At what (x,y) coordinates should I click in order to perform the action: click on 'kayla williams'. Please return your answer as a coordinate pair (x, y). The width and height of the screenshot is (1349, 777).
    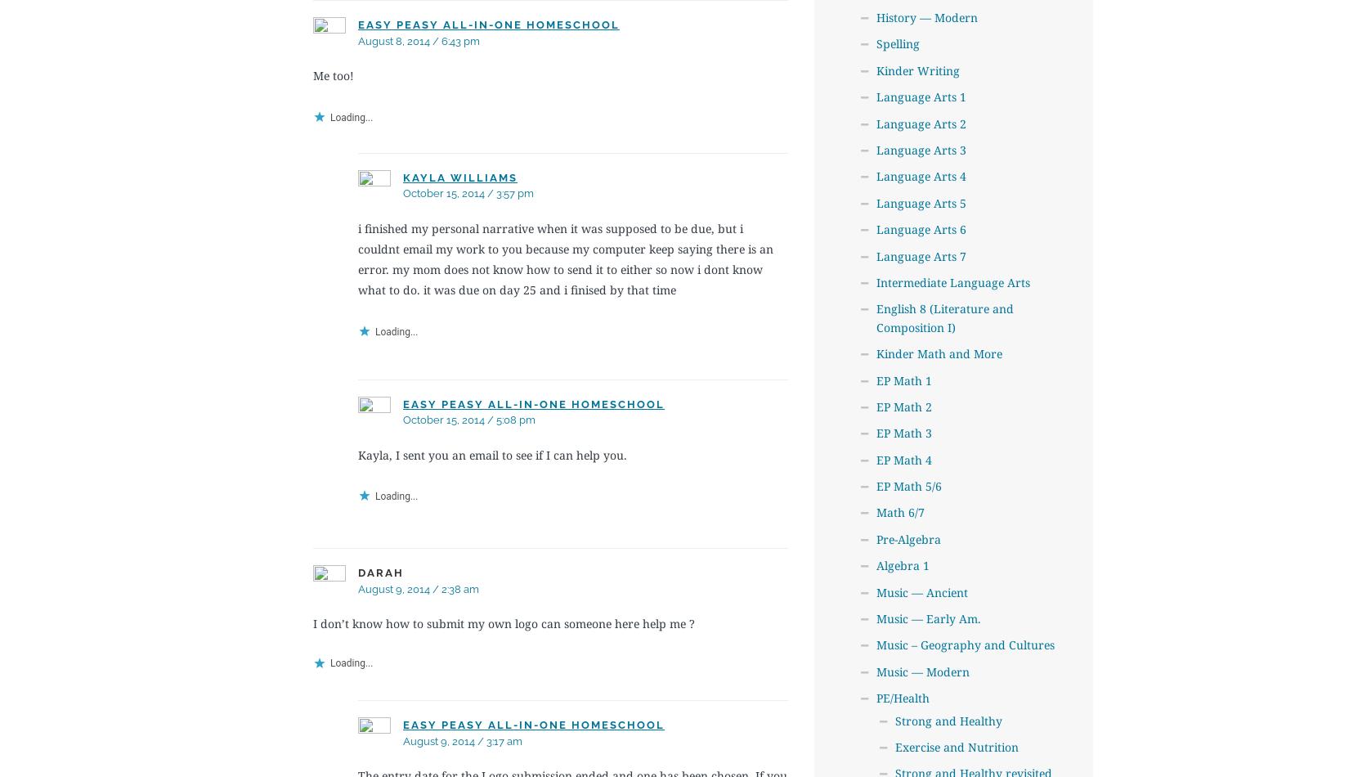
    Looking at the image, I should click on (459, 177).